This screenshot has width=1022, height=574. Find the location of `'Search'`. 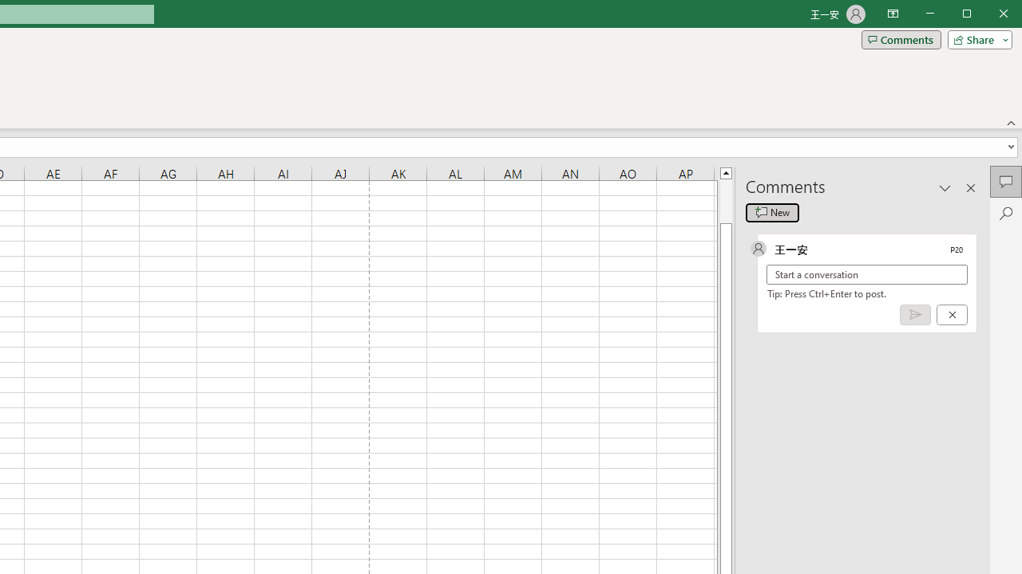

'Search' is located at coordinates (1005, 212).